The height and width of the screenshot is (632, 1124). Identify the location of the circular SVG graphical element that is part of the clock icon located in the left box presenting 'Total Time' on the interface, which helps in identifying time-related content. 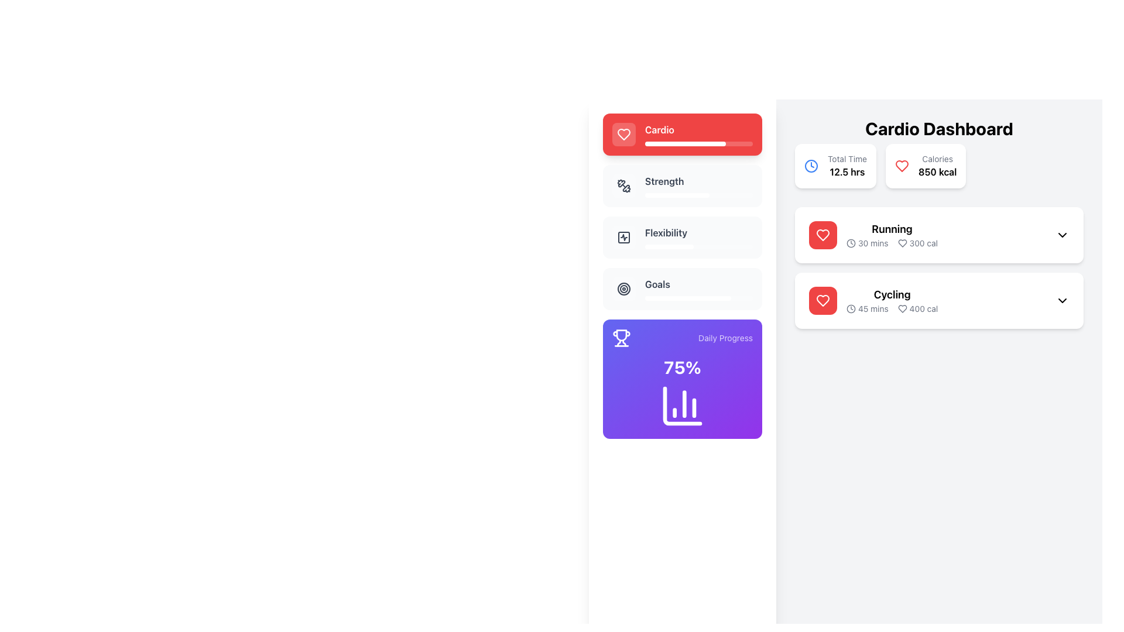
(811, 166).